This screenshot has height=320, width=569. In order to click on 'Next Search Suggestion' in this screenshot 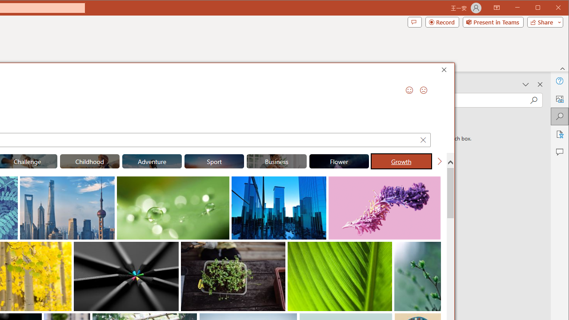, I will do `click(439, 161)`.